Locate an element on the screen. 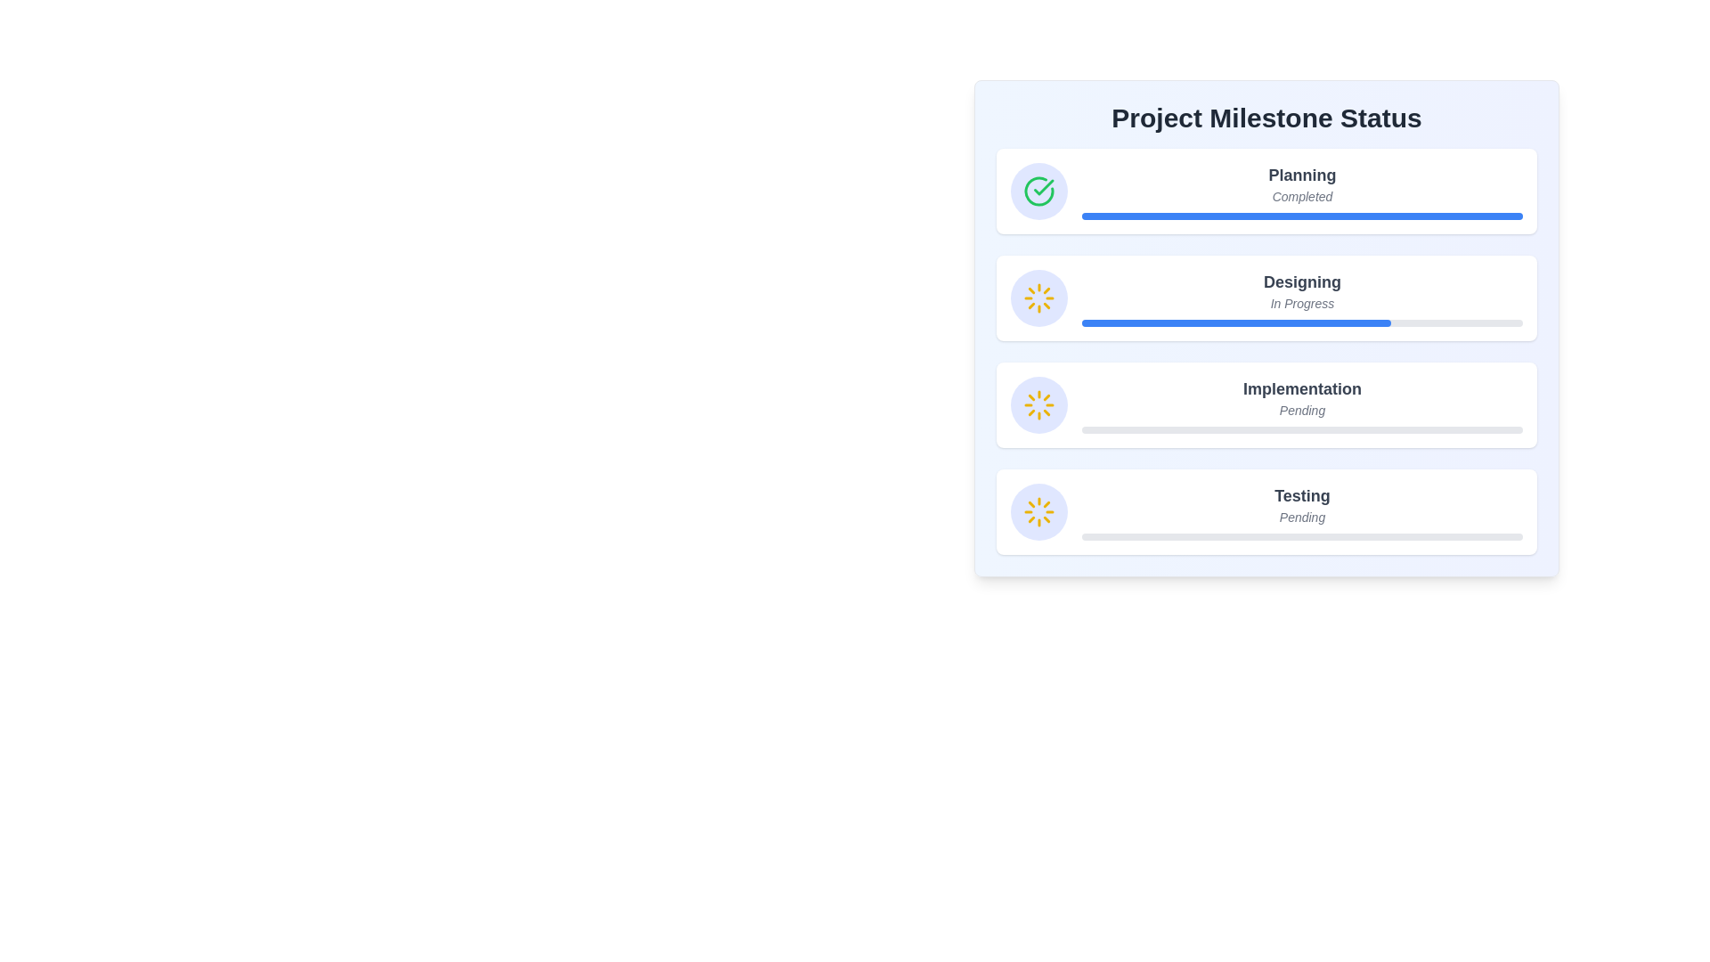 Image resolution: width=1710 pixels, height=962 pixels. the progress level of the Progress bar located under the 'Implementation' milestone section, specifically in the third row below the title 'Implementation' and its status text 'Pending' is located at coordinates (1302, 429).